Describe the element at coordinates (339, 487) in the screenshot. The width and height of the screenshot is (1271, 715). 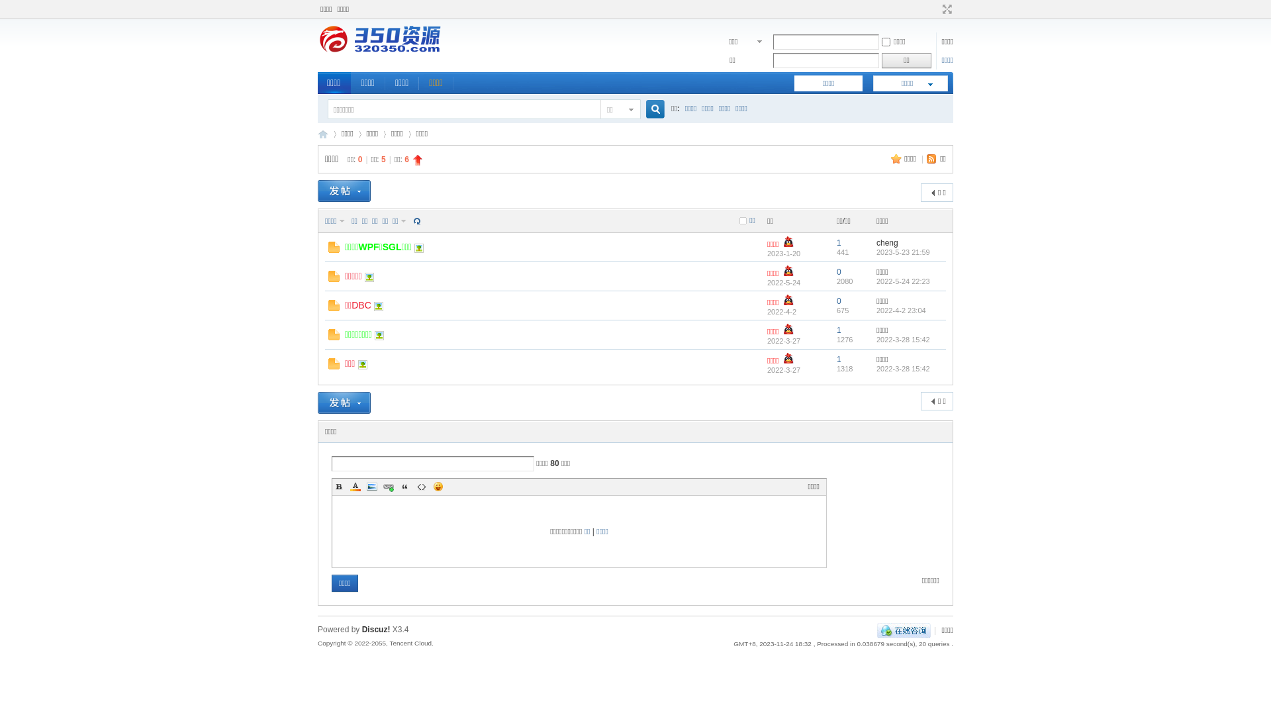
I see `'B'` at that location.